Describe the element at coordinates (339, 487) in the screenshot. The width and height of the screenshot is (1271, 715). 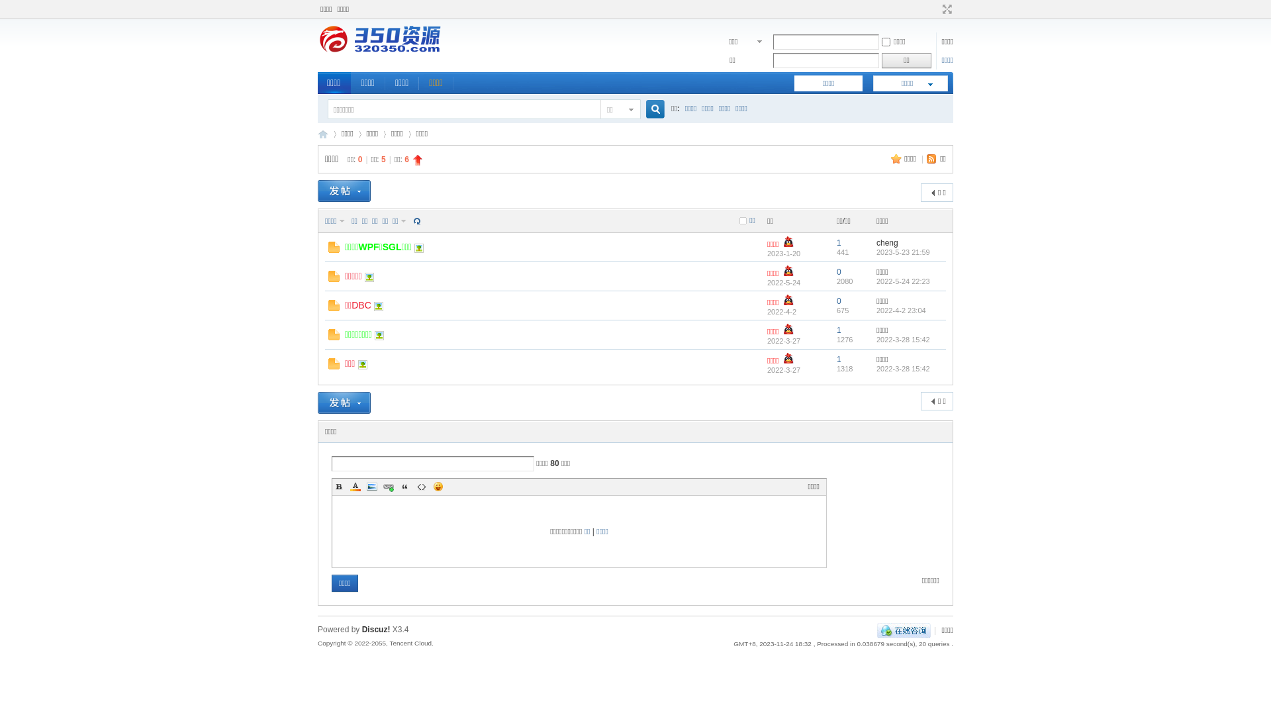
I see `'B'` at that location.